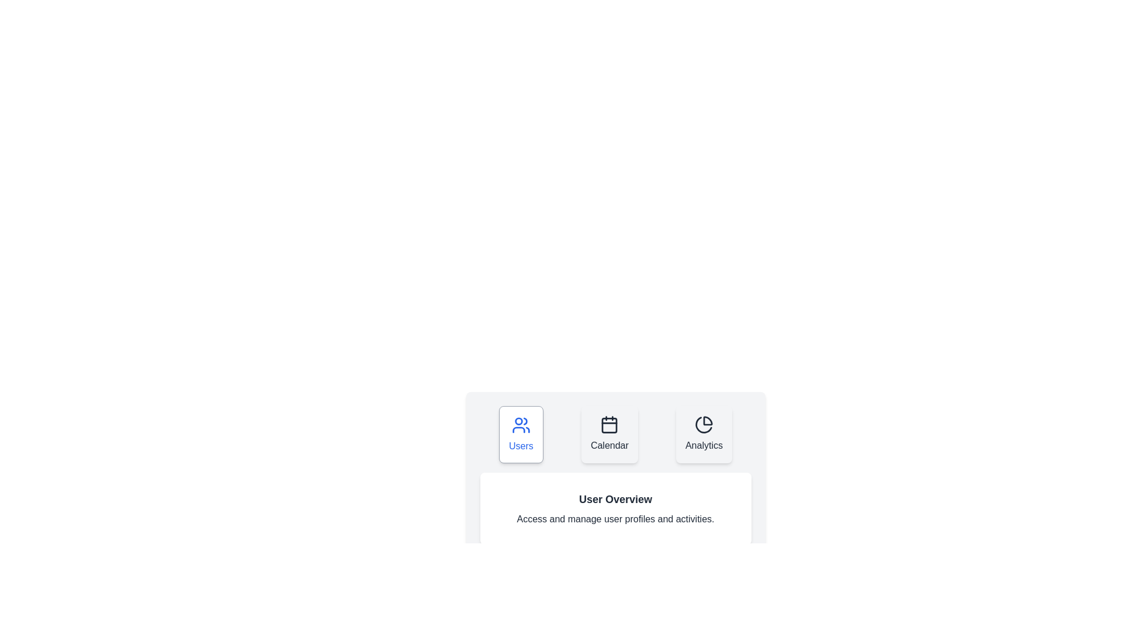 Image resolution: width=1122 pixels, height=631 pixels. Describe the element at coordinates (703, 435) in the screenshot. I see `the rightmost navigational button in the row of three elements` at that location.